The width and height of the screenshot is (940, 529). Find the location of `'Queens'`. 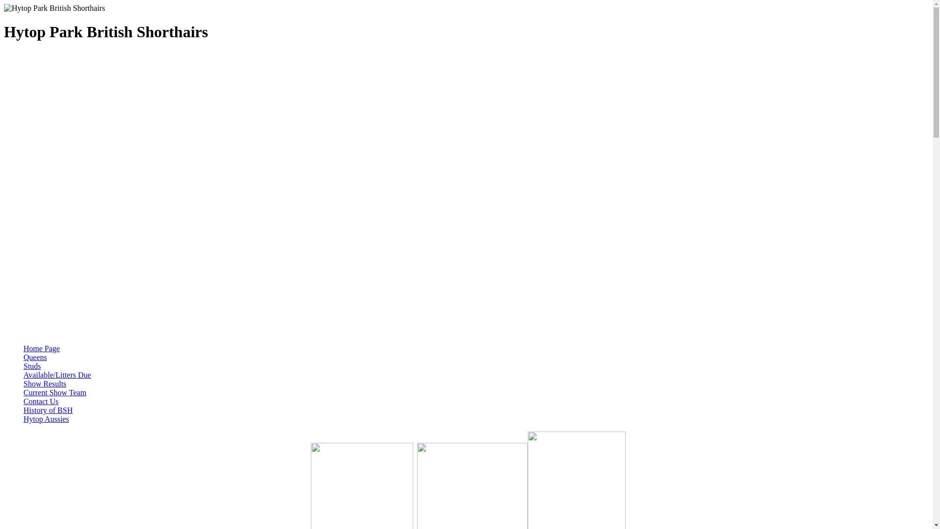

'Queens' is located at coordinates (35, 357).